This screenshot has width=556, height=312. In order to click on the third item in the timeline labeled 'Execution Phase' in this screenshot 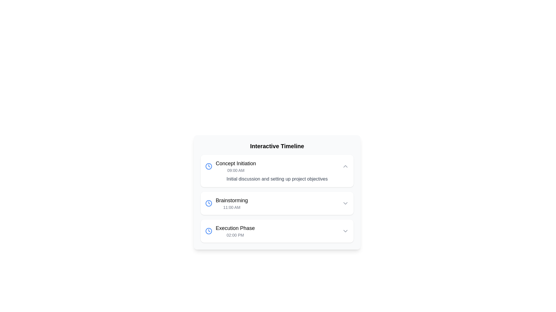, I will do `click(277, 231)`.